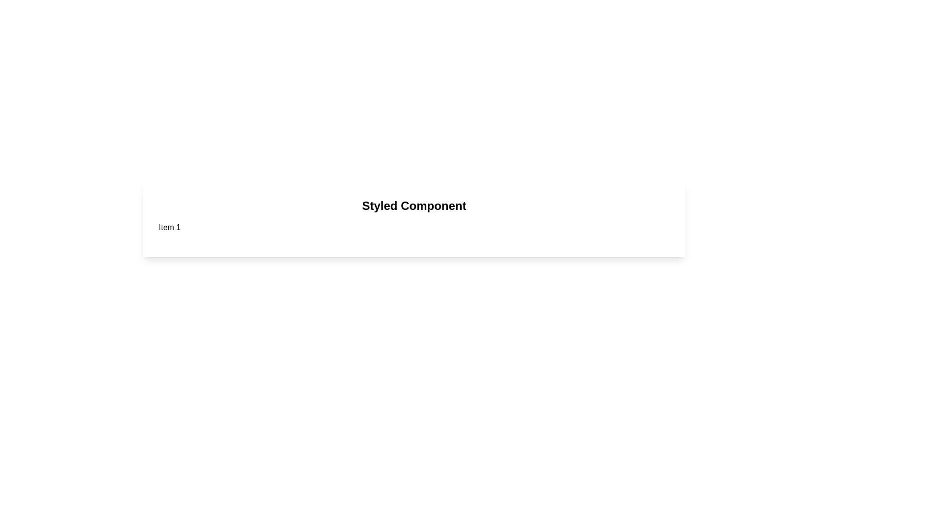 The image size is (944, 531). Describe the element at coordinates (414, 206) in the screenshot. I see `the header text 'Styled Component' to select it` at that location.